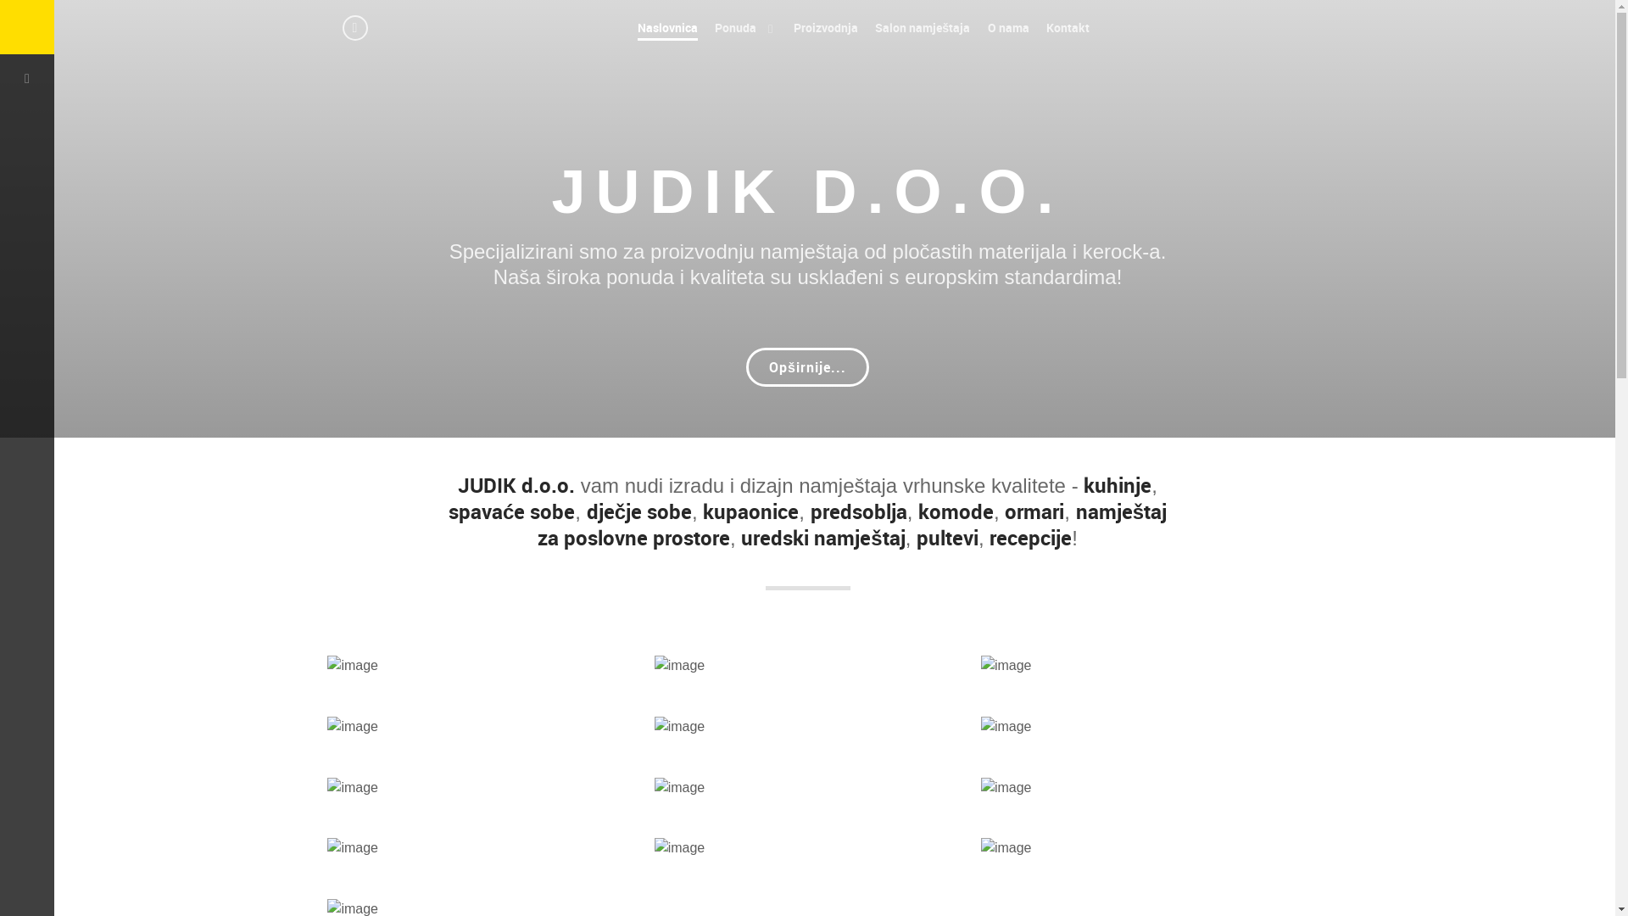 The image size is (1628, 916). Describe the element at coordinates (946, 537) in the screenshot. I see `'pultevi'` at that location.